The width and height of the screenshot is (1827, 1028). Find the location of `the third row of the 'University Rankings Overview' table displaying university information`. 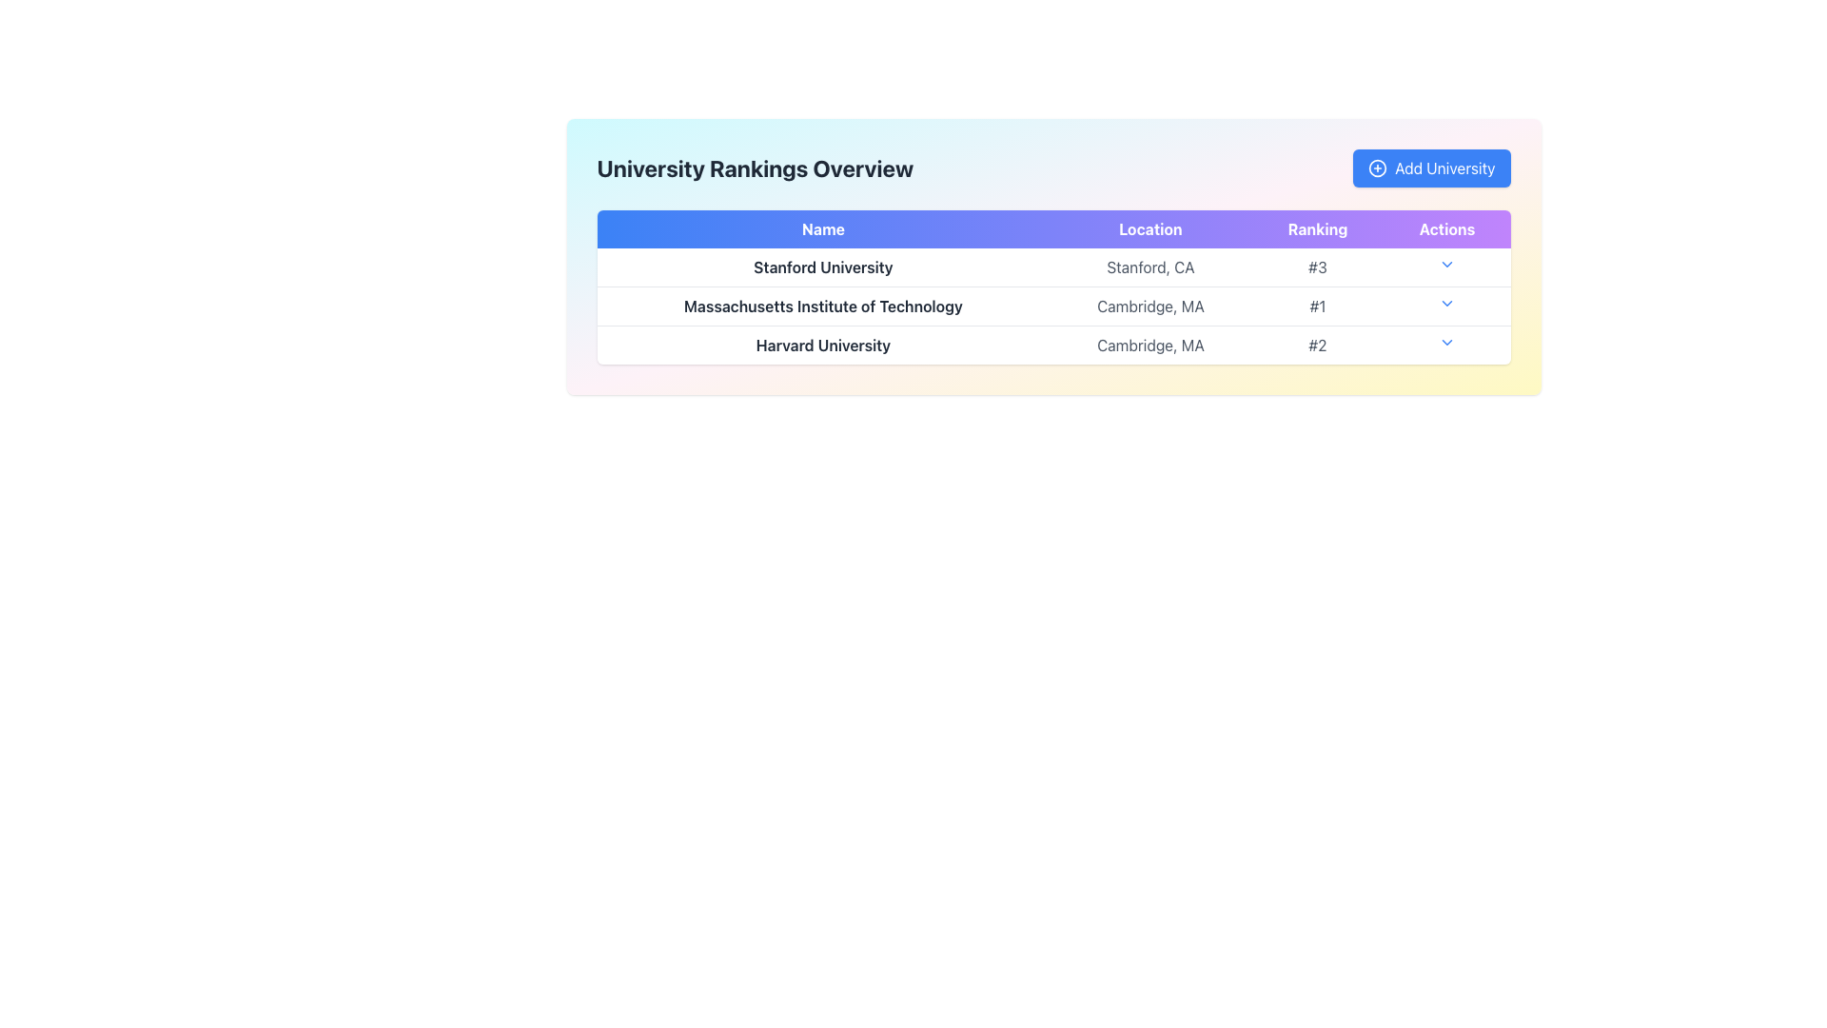

the third row of the 'University Rankings Overview' table displaying university information is located at coordinates (1052, 345).